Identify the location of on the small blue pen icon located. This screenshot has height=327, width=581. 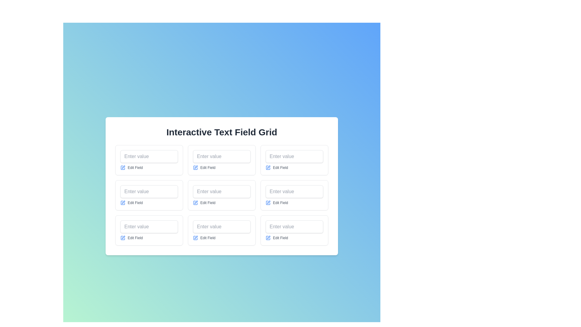
(268, 203).